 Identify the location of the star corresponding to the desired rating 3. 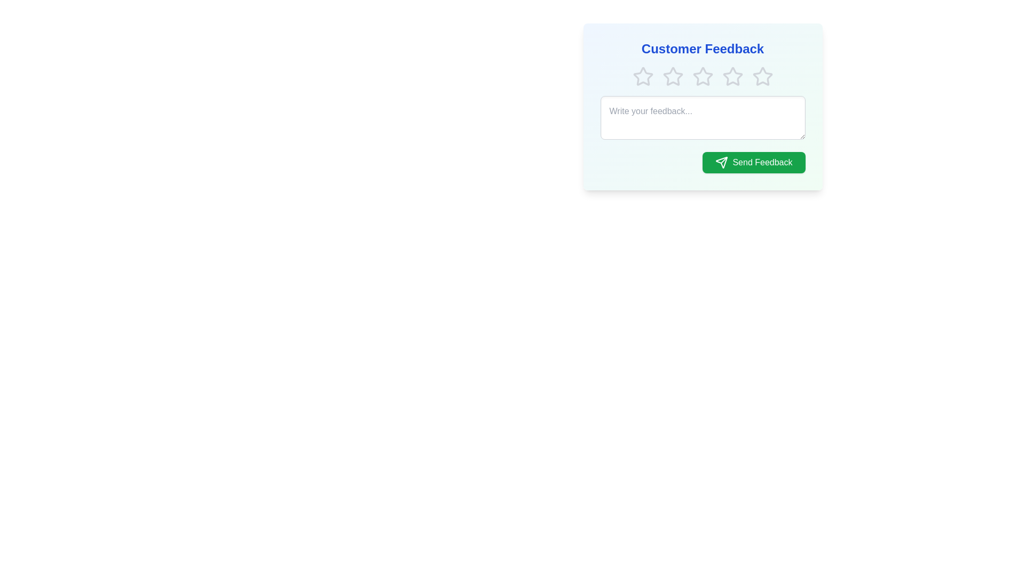
(703, 76).